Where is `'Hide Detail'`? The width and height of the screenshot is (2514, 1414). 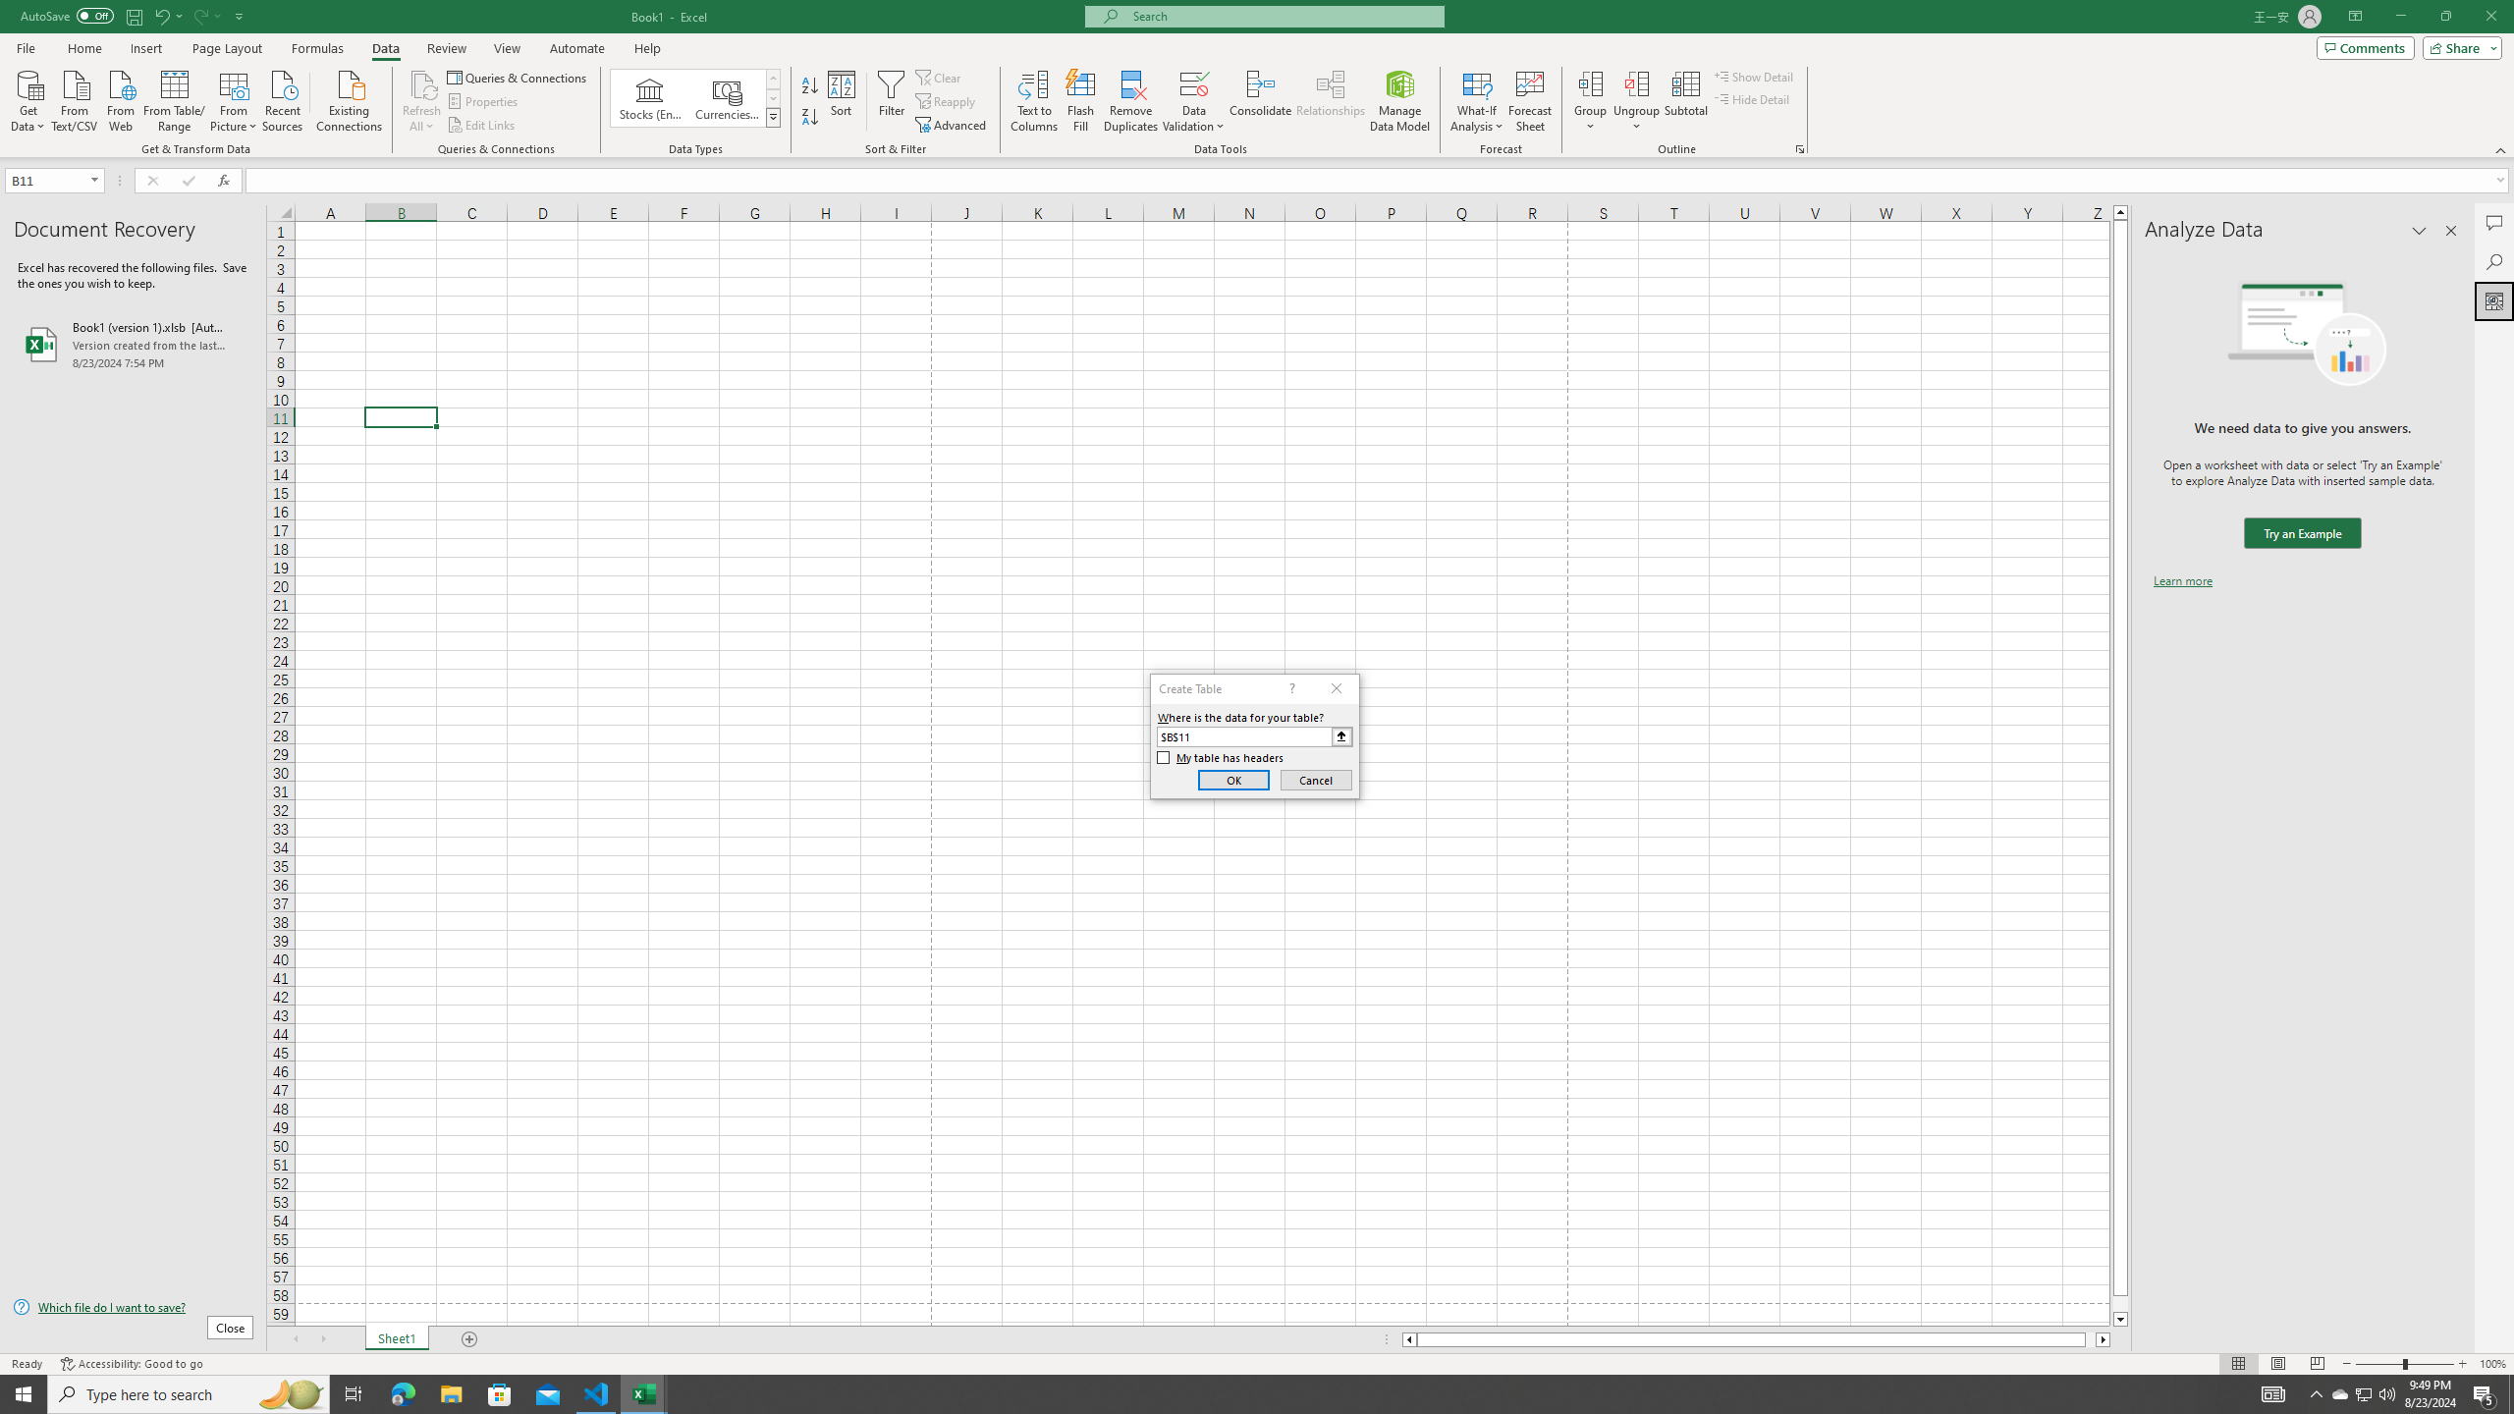
'Hide Detail' is located at coordinates (1752, 97).